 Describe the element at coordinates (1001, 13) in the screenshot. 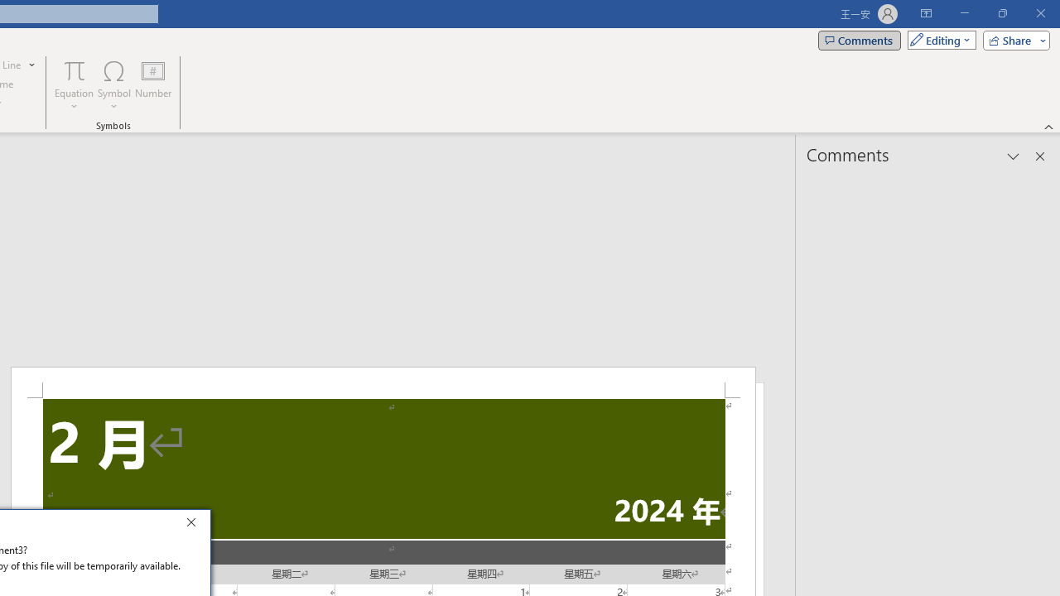

I see `'Restore Down'` at that location.